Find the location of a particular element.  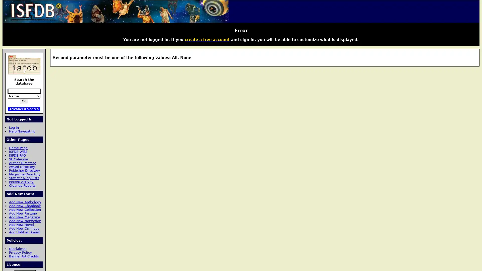

Go is located at coordinates (24, 101).